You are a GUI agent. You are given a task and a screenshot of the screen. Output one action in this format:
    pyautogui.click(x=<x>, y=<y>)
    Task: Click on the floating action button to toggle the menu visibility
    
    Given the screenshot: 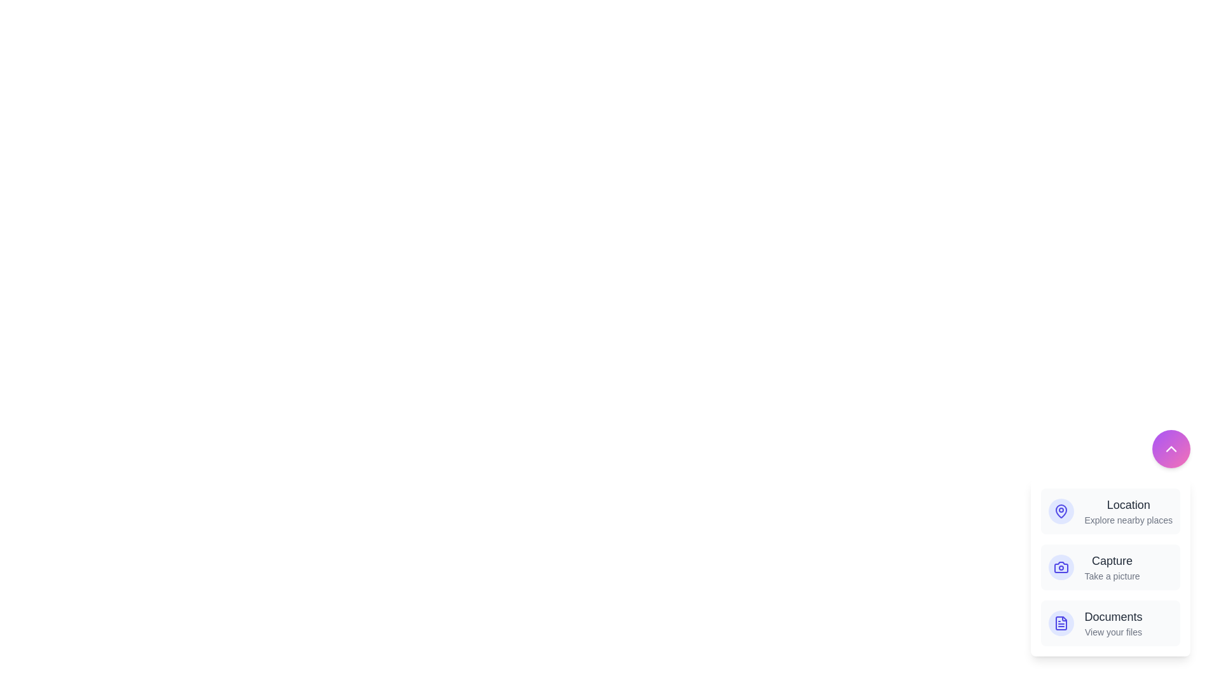 What is the action you would take?
    pyautogui.click(x=1171, y=448)
    